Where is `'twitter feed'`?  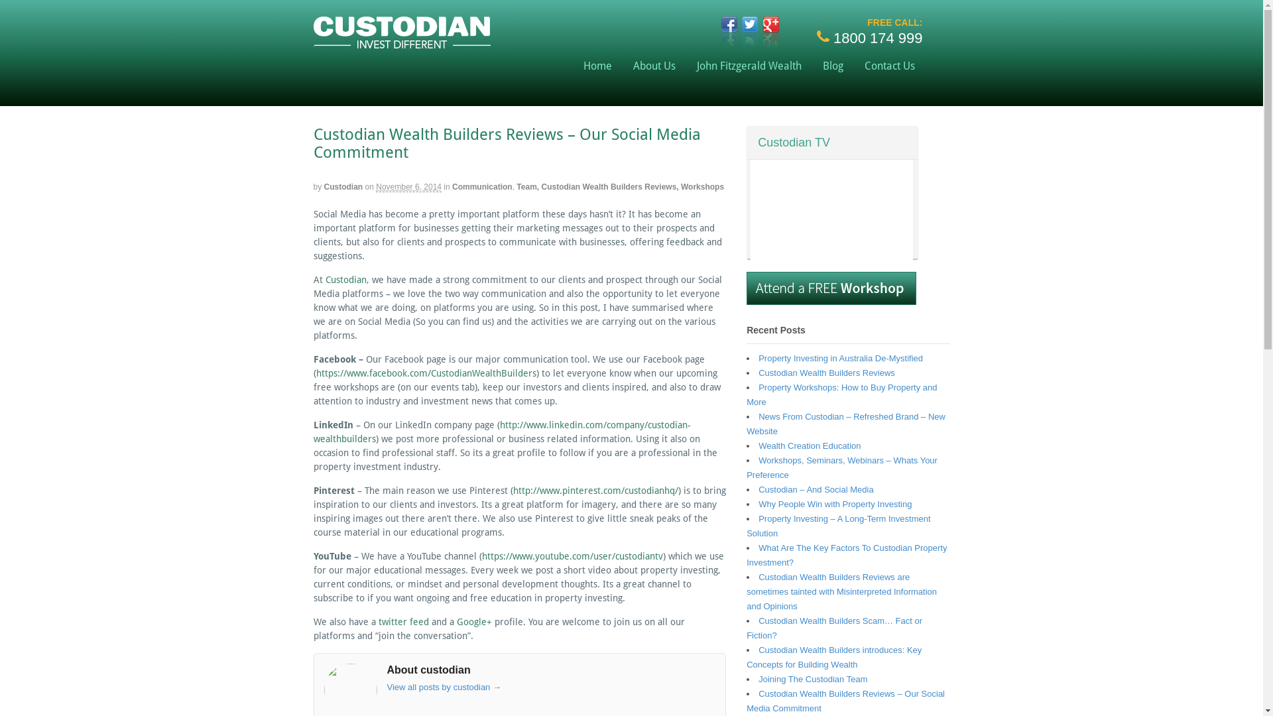 'twitter feed' is located at coordinates (402, 621).